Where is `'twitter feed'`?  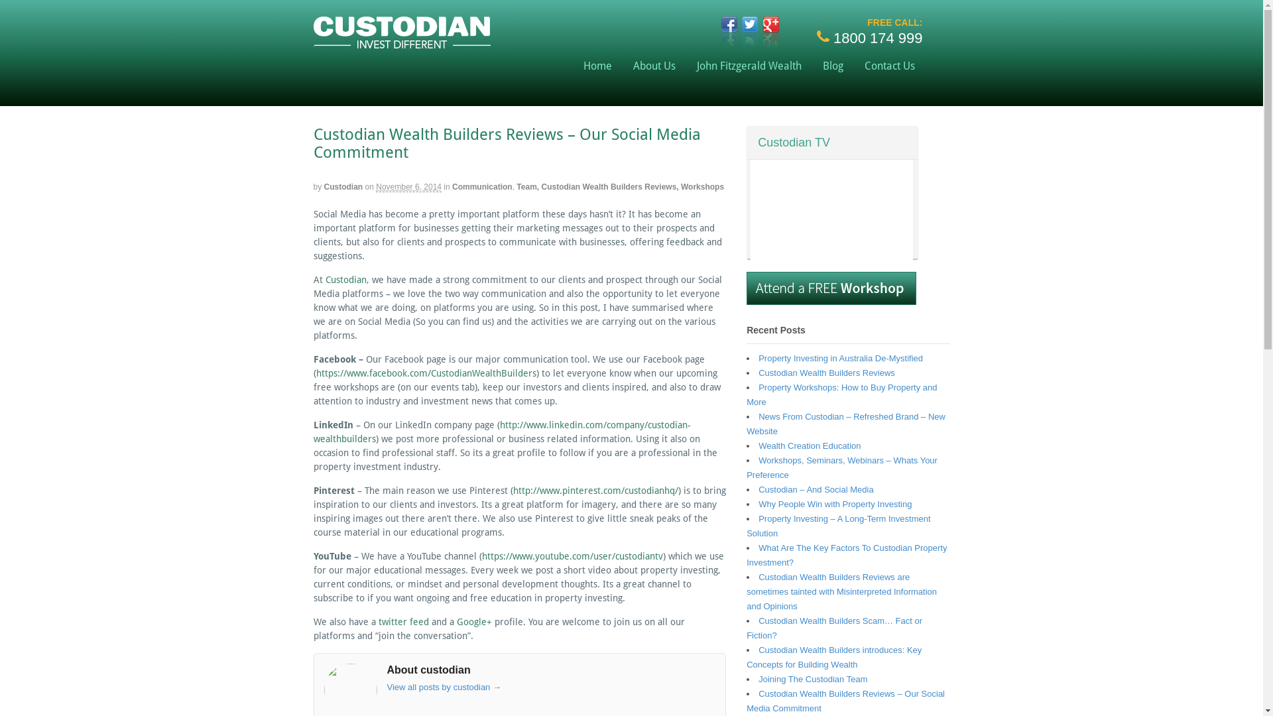 'twitter feed' is located at coordinates (402, 621).